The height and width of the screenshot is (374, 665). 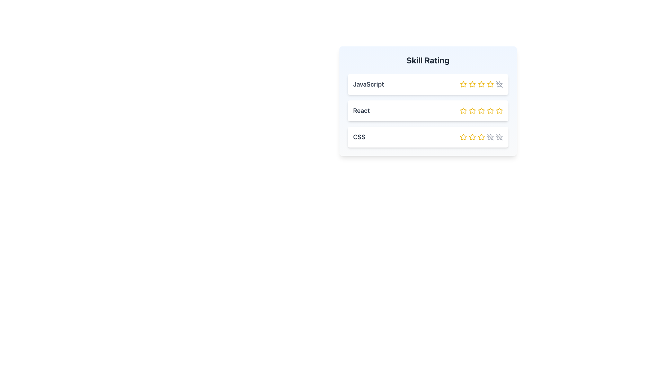 What do you see at coordinates (499, 137) in the screenshot?
I see `the fifth star-shaped icon with a gray outline and crossing line in the CSS skill rating section` at bounding box center [499, 137].